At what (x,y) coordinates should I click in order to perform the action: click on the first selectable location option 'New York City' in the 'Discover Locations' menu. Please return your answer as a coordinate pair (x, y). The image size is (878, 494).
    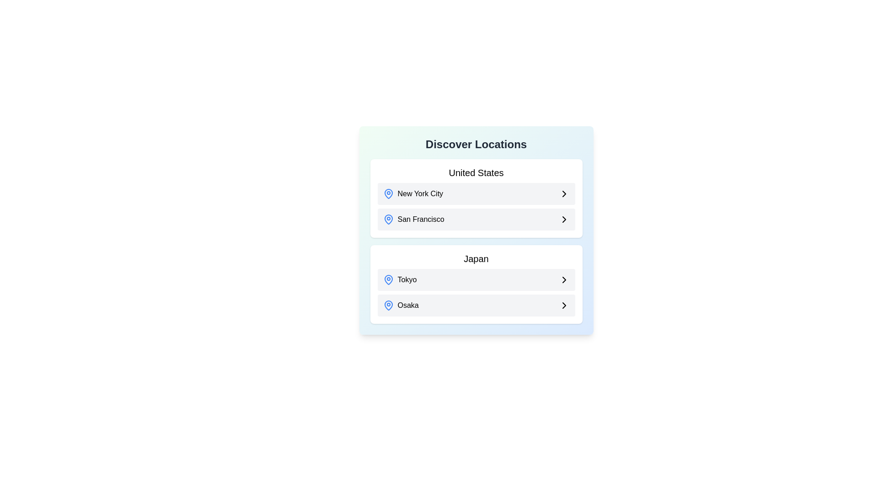
    Looking at the image, I should click on (476, 193).